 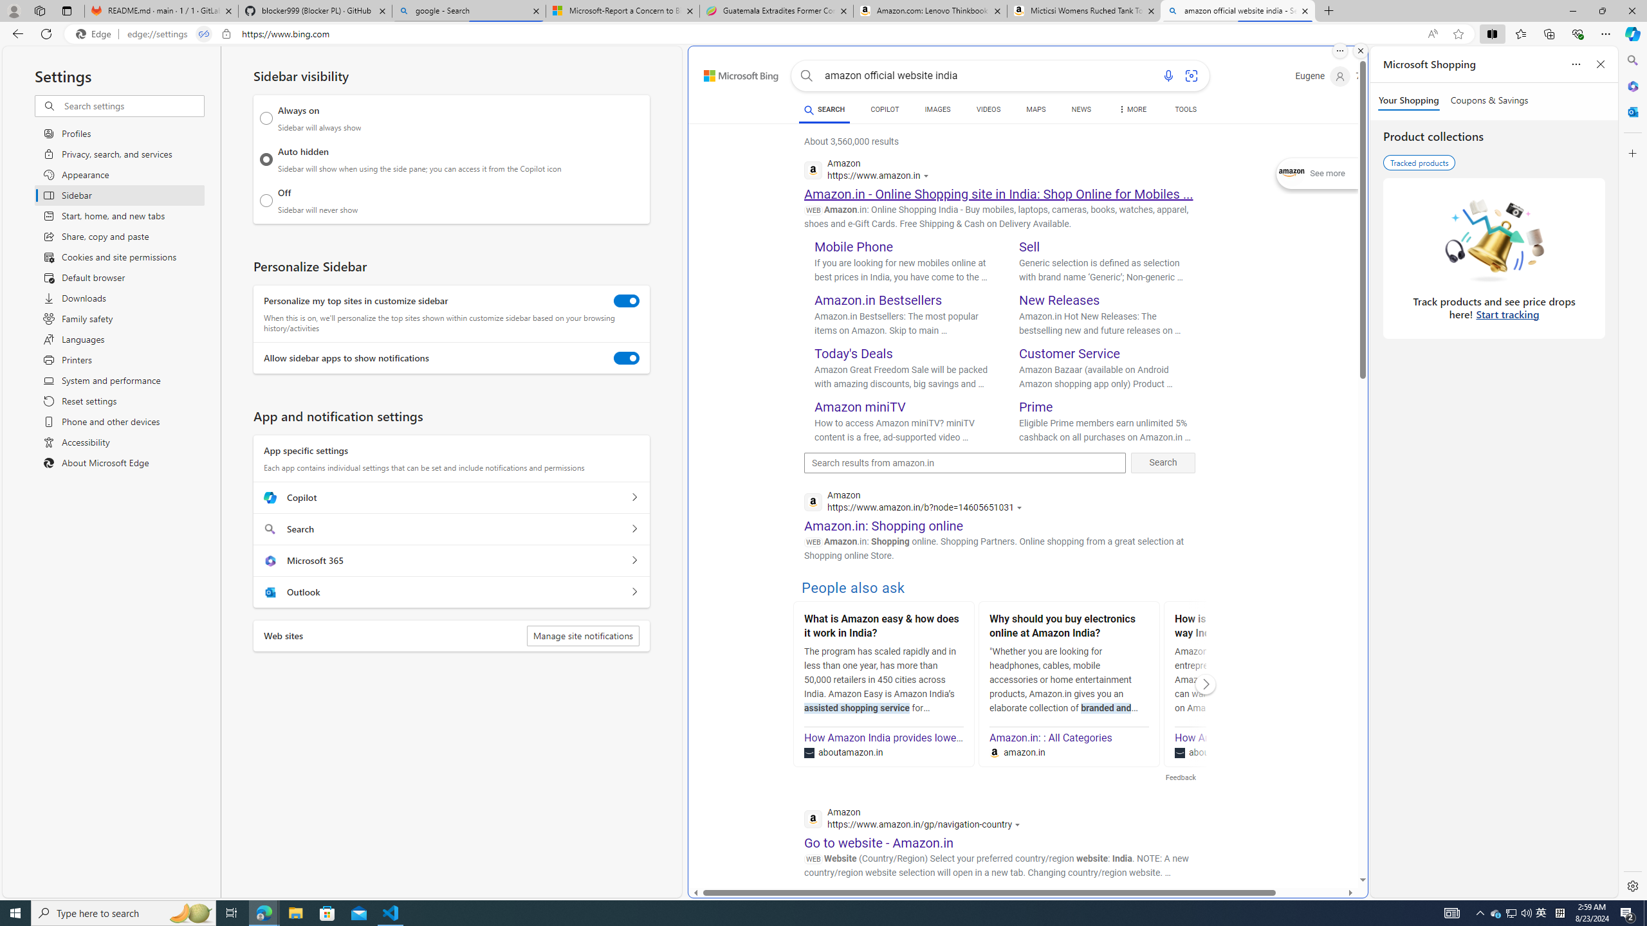 What do you see at coordinates (878, 300) in the screenshot?
I see `'Amazon.in Bestsellers'` at bounding box center [878, 300].